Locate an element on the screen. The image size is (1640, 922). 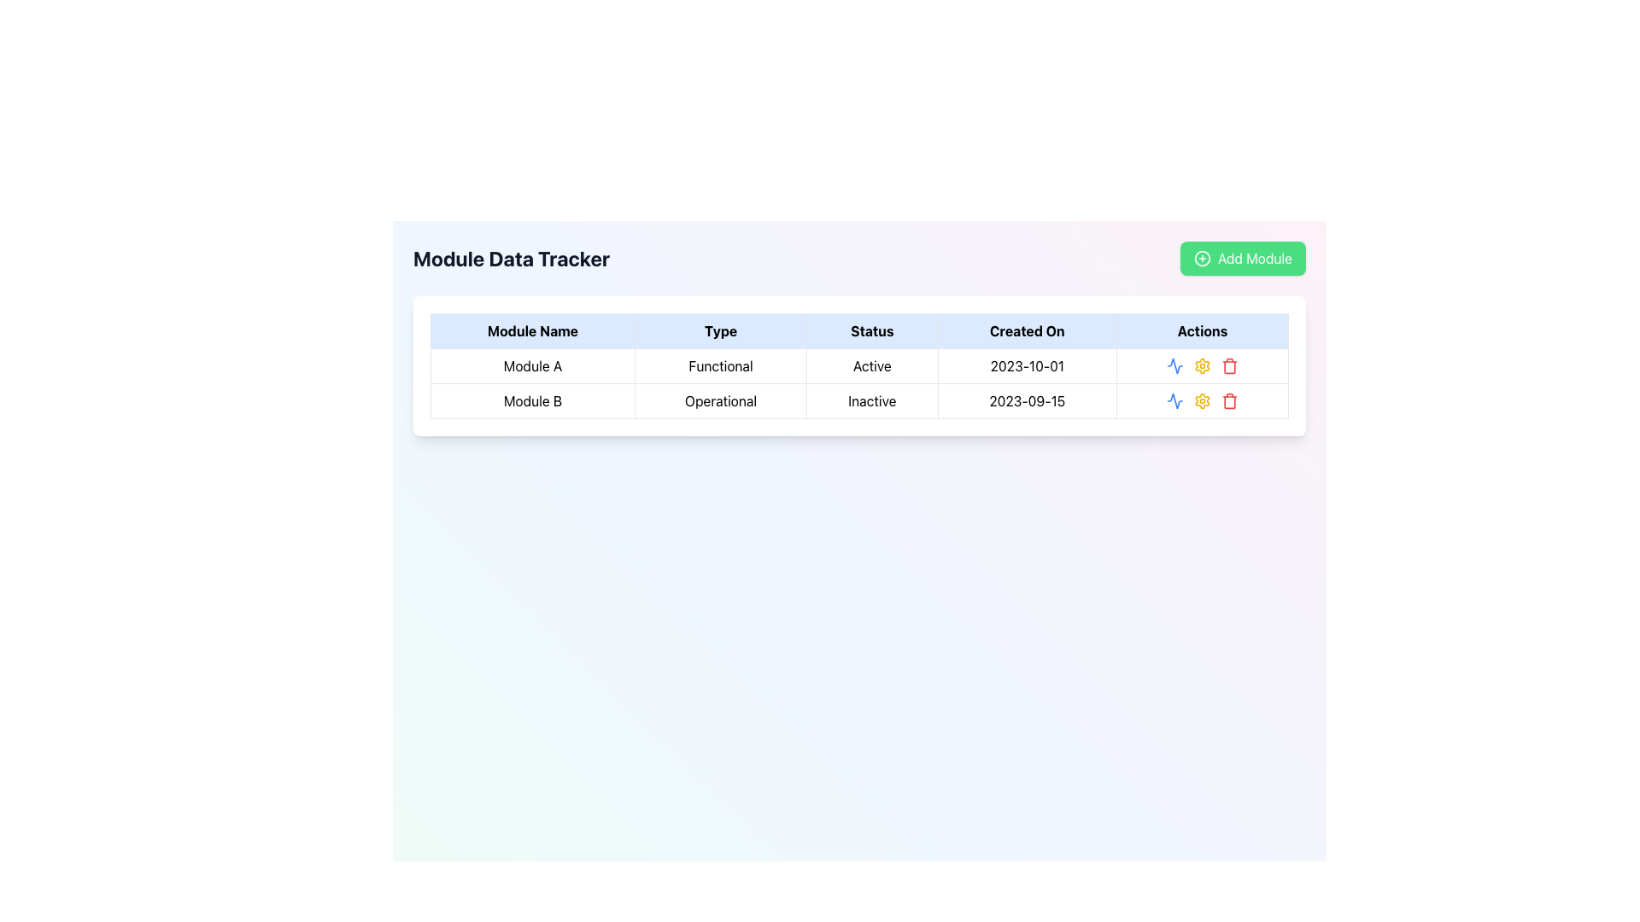
the yellow cogwheel icon button located in the actions column of the second row in the 'Module Data Tracker' table is located at coordinates (1201, 365).